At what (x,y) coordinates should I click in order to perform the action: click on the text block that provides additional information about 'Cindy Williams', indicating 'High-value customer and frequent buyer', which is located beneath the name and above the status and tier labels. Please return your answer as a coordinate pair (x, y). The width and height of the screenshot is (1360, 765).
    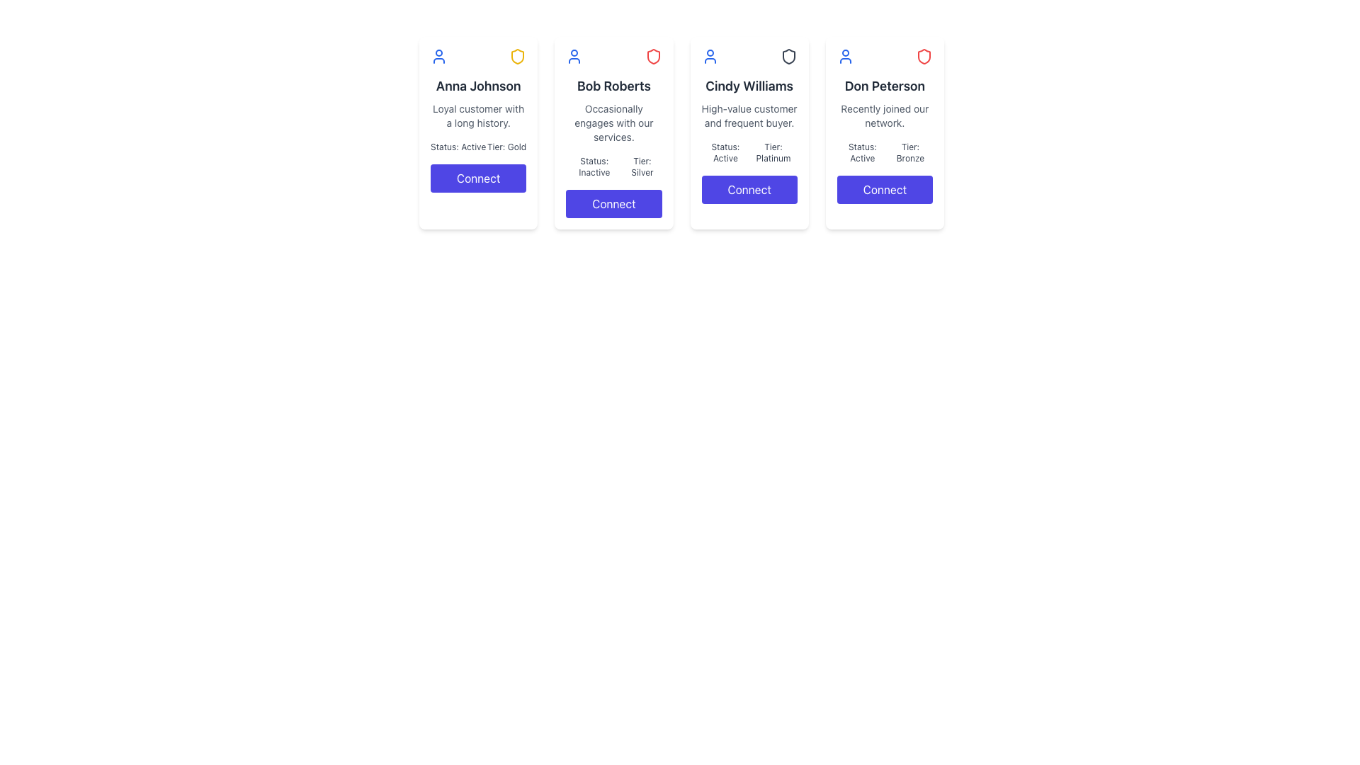
    Looking at the image, I should click on (749, 115).